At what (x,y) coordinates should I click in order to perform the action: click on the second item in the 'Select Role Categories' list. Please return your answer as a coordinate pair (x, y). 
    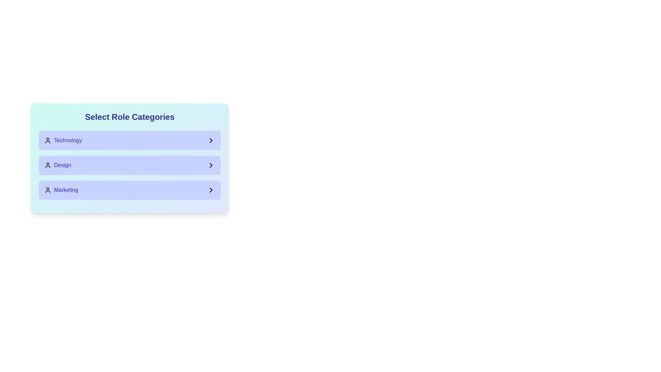
    Looking at the image, I should click on (130, 158).